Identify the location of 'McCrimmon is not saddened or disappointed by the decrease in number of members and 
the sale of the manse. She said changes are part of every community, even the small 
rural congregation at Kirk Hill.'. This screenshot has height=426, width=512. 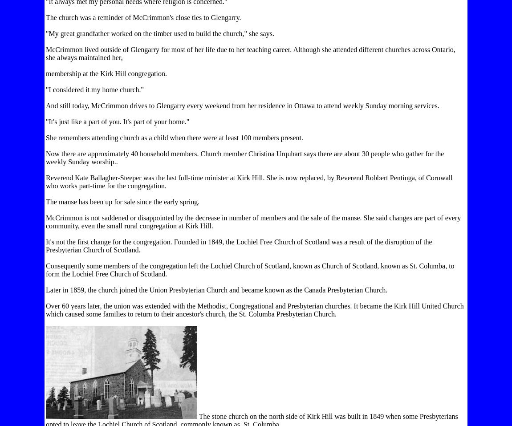
(253, 222).